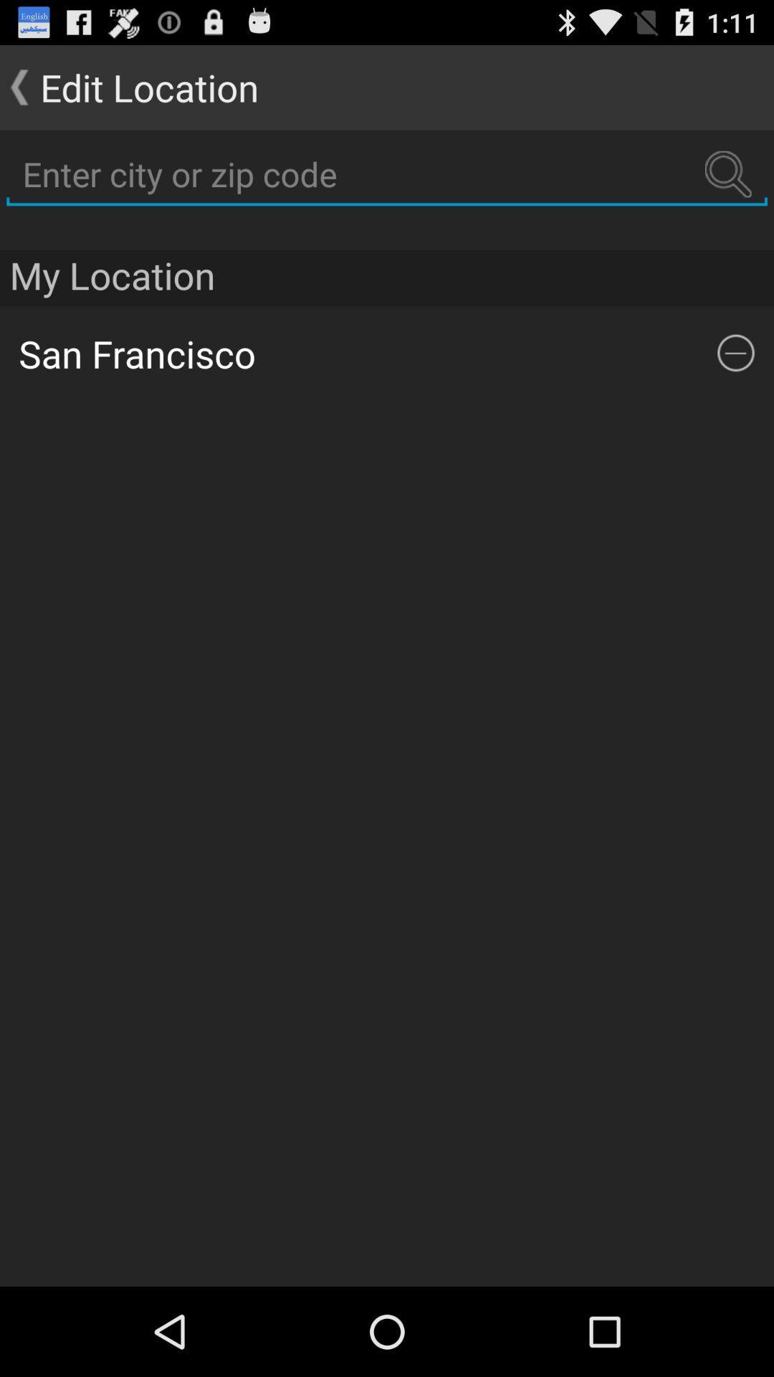  Describe the element at coordinates (736, 353) in the screenshot. I see `item at the top right corner` at that location.